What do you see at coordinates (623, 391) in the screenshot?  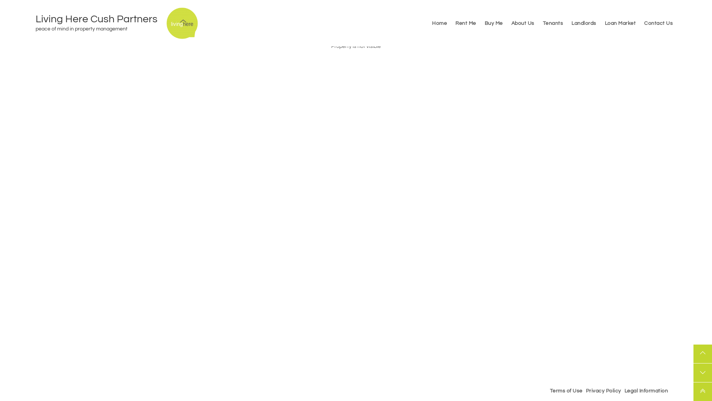 I see `'Legal Information'` at bounding box center [623, 391].